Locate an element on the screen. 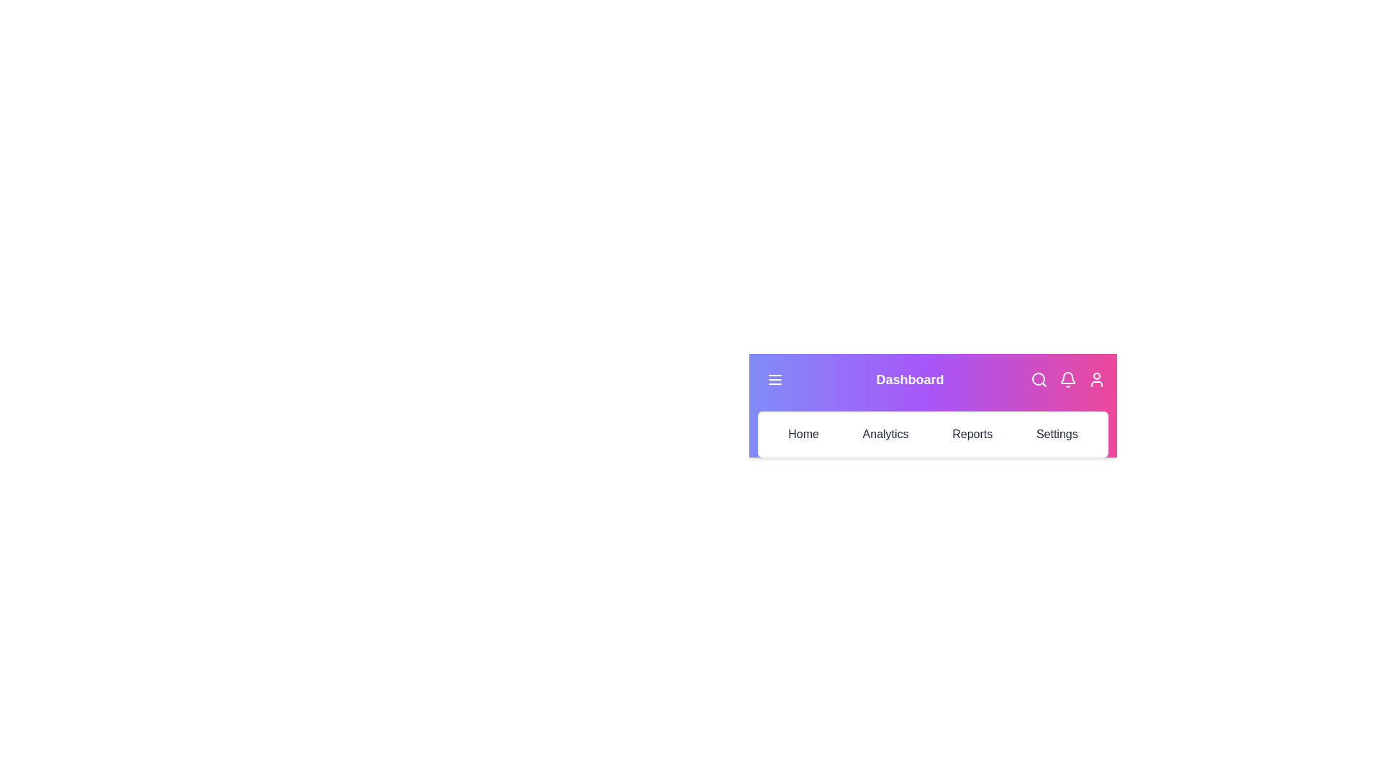 This screenshot has width=1382, height=777. the menu_button to observe its hover effect is located at coordinates (774, 379).